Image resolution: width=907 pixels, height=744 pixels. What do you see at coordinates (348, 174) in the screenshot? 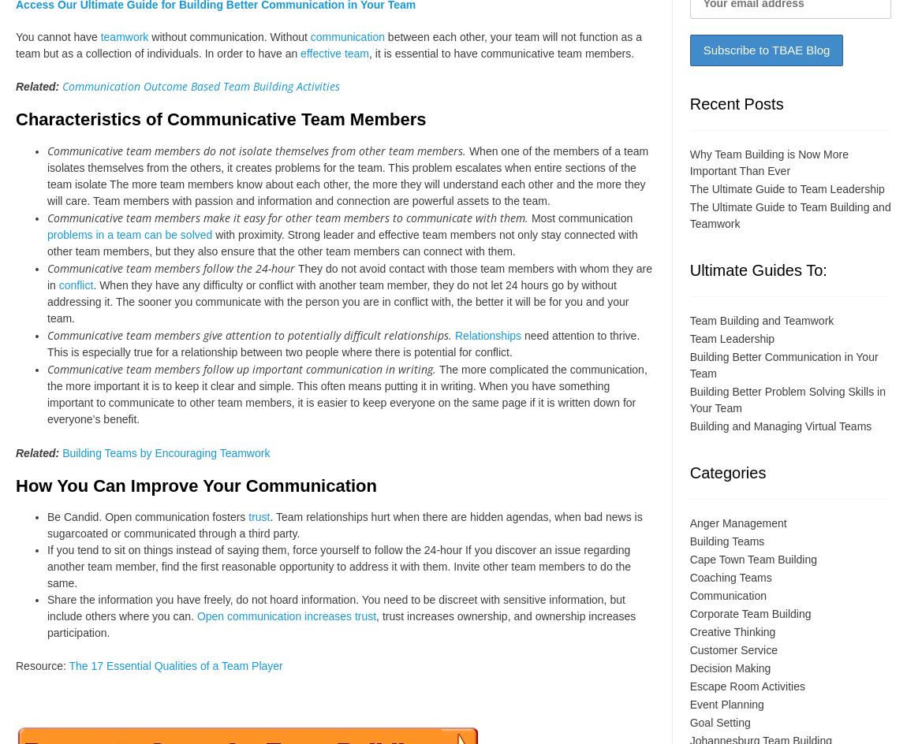
I see `'When one of the members of a team isolates themselves from the others, it creates problems for the team. This problem escalates when entire sections of the team isolate The more team members know about each other, the more they will understand each other and the more they will care. Team members with passion and information and connection are powerful assets to the team.'` at bounding box center [348, 174].